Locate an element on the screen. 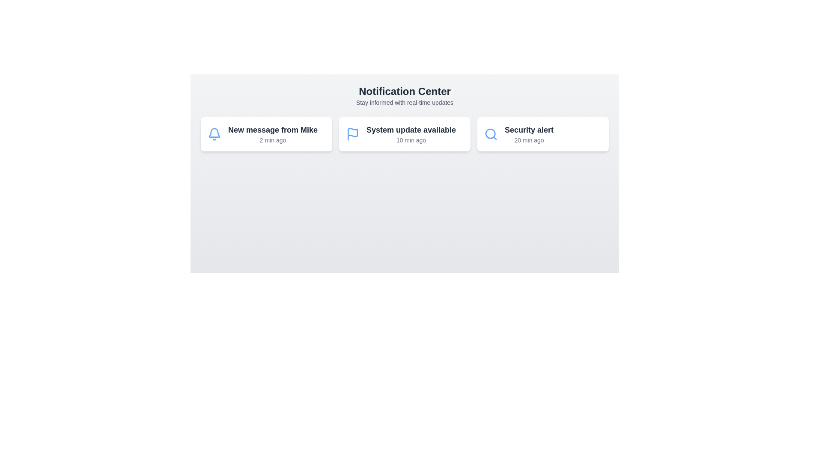  the timestamp displayed in the text label that reads '2 min ago', which is located below the 'New message from Mike' text in the notification card is located at coordinates (272, 139).